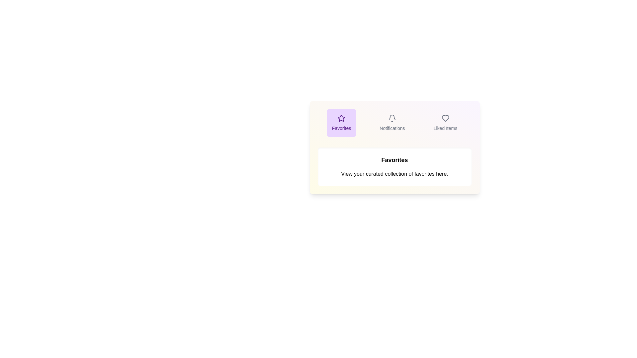 The width and height of the screenshot is (637, 358). What do you see at coordinates (341, 123) in the screenshot?
I see `the tab labeled Favorites` at bounding box center [341, 123].